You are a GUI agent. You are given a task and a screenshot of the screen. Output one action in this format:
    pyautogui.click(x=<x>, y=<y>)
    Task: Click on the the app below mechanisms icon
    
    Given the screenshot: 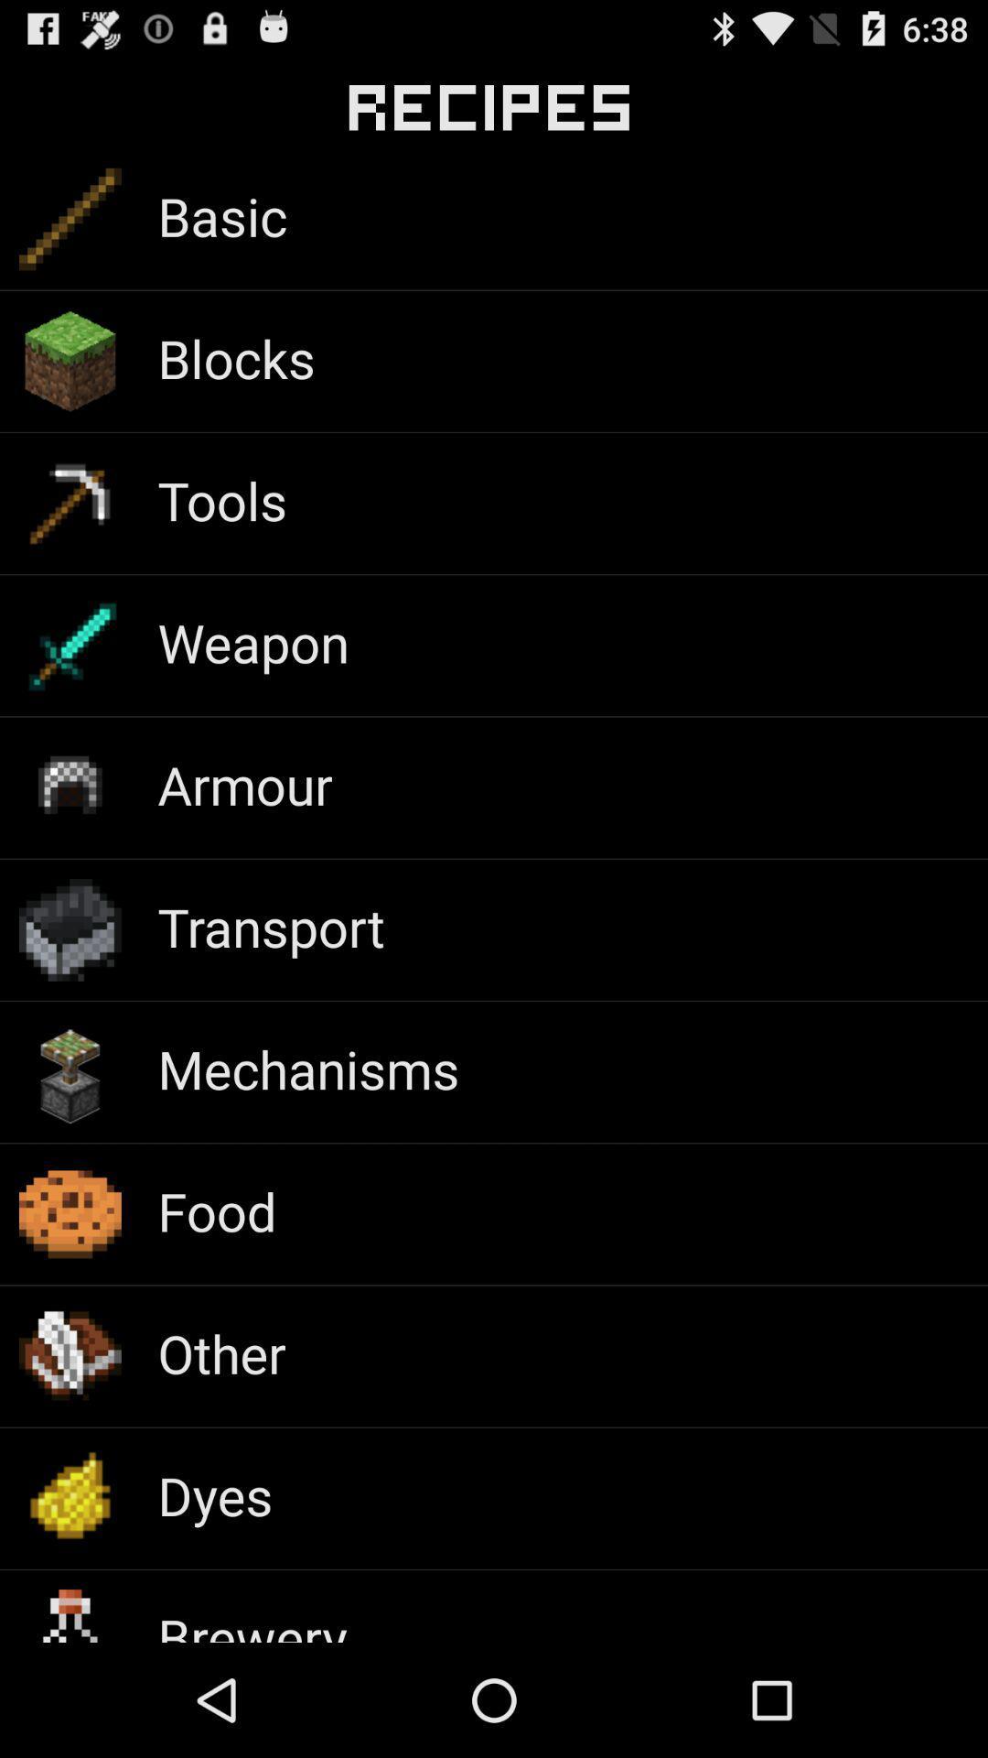 What is the action you would take?
    pyautogui.click(x=216, y=1210)
    